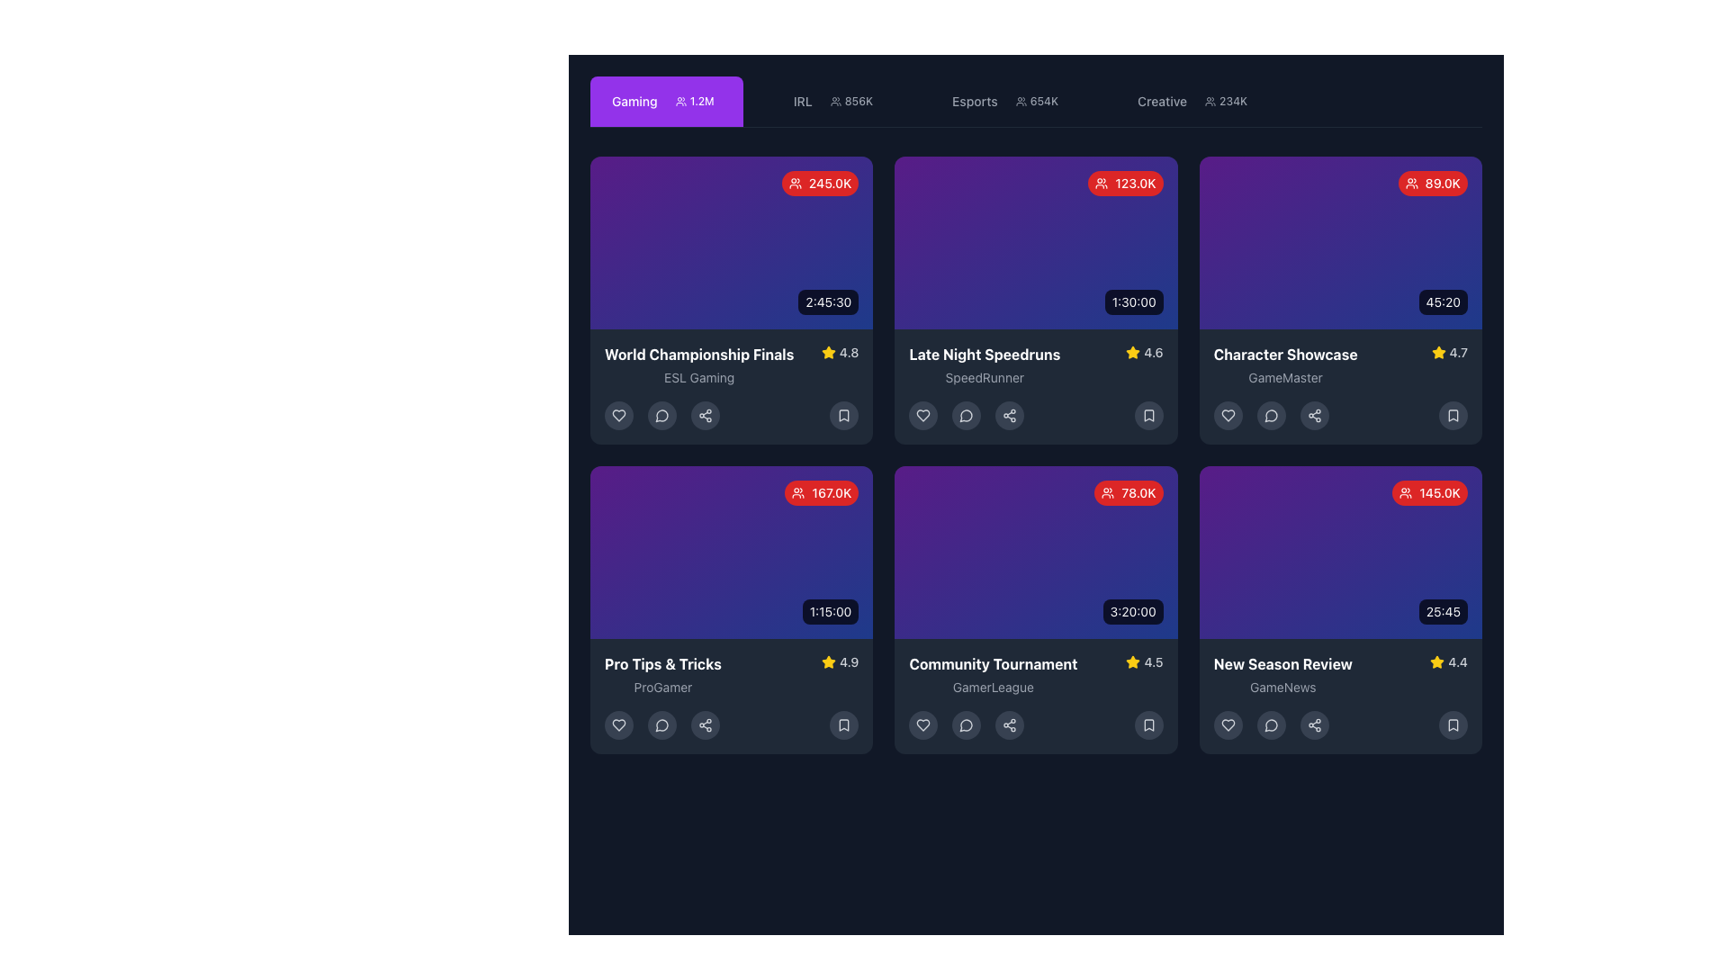 The width and height of the screenshot is (1728, 972). Describe the element at coordinates (1282, 687) in the screenshot. I see `the text label located directly below 'New Season Review' in the bottom-right corner of the card interface` at that location.